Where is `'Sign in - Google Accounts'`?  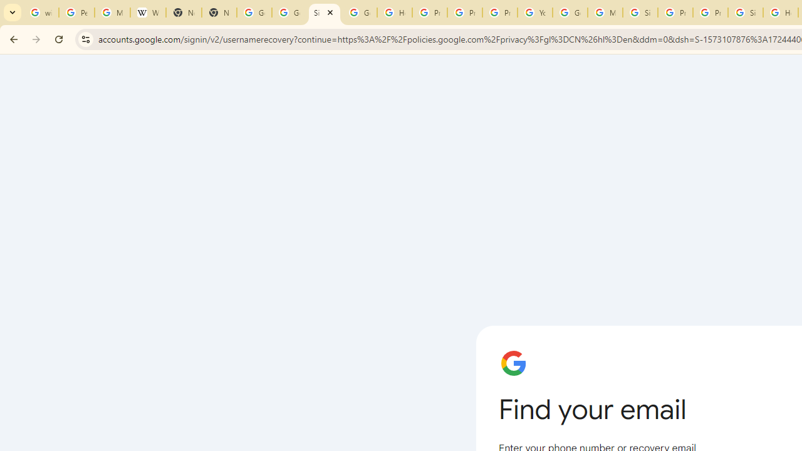 'Sign in - Google Accounts' is located at coordinates (640, 13).